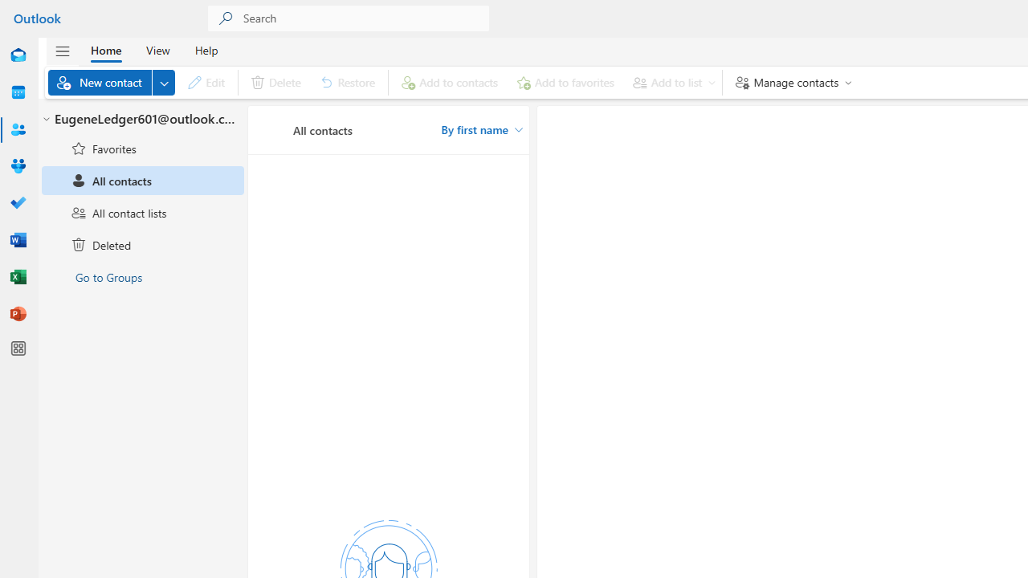  Describe the element at coordinates (205, 82) in the screenshot. I see `'Edit'` at that location.